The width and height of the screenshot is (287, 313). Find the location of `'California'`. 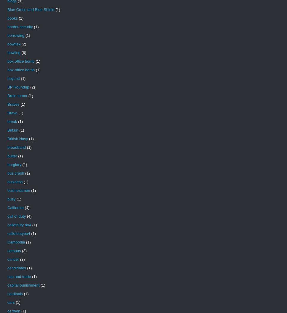

'California' is located at coordinates (15, 207).